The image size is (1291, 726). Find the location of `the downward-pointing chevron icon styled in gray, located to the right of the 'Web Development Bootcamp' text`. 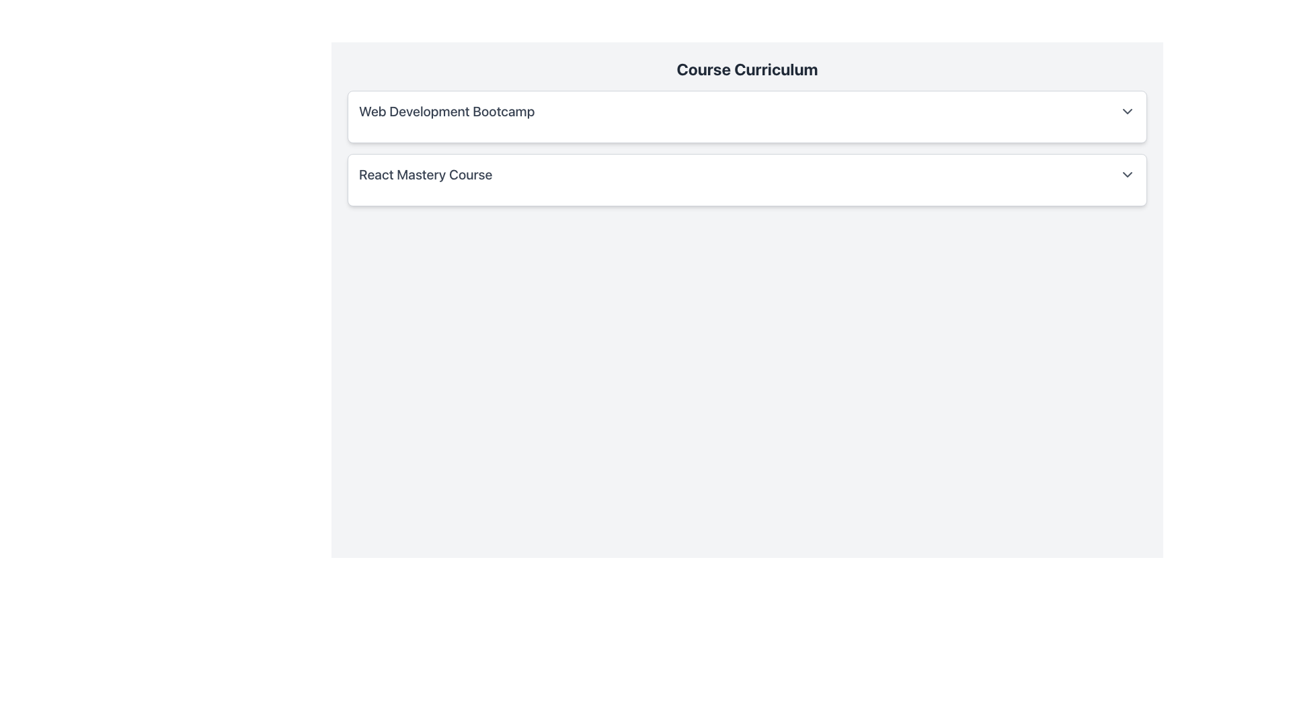

the downward-pointing chevron icon styled in gray, located to the right of the 'Web Development Bootcamp' text is located at coordinates (1127, 110).